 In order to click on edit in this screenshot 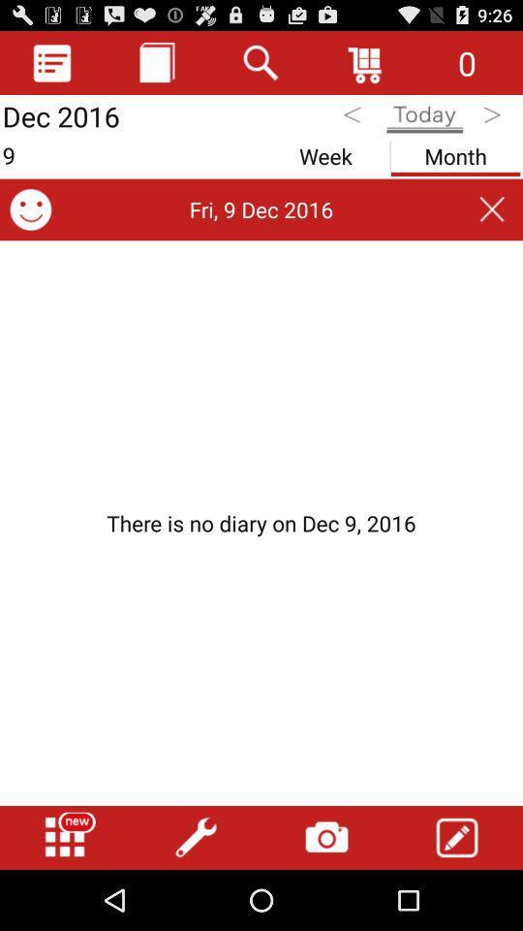, I will do `click(457, 837)`.